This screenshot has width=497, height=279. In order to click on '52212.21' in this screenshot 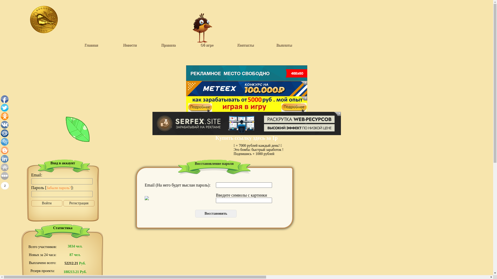, I will do `click(71, 263)`.